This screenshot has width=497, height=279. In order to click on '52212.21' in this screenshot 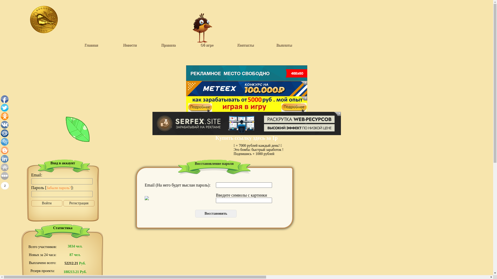, I will do `click(71, 263)`.